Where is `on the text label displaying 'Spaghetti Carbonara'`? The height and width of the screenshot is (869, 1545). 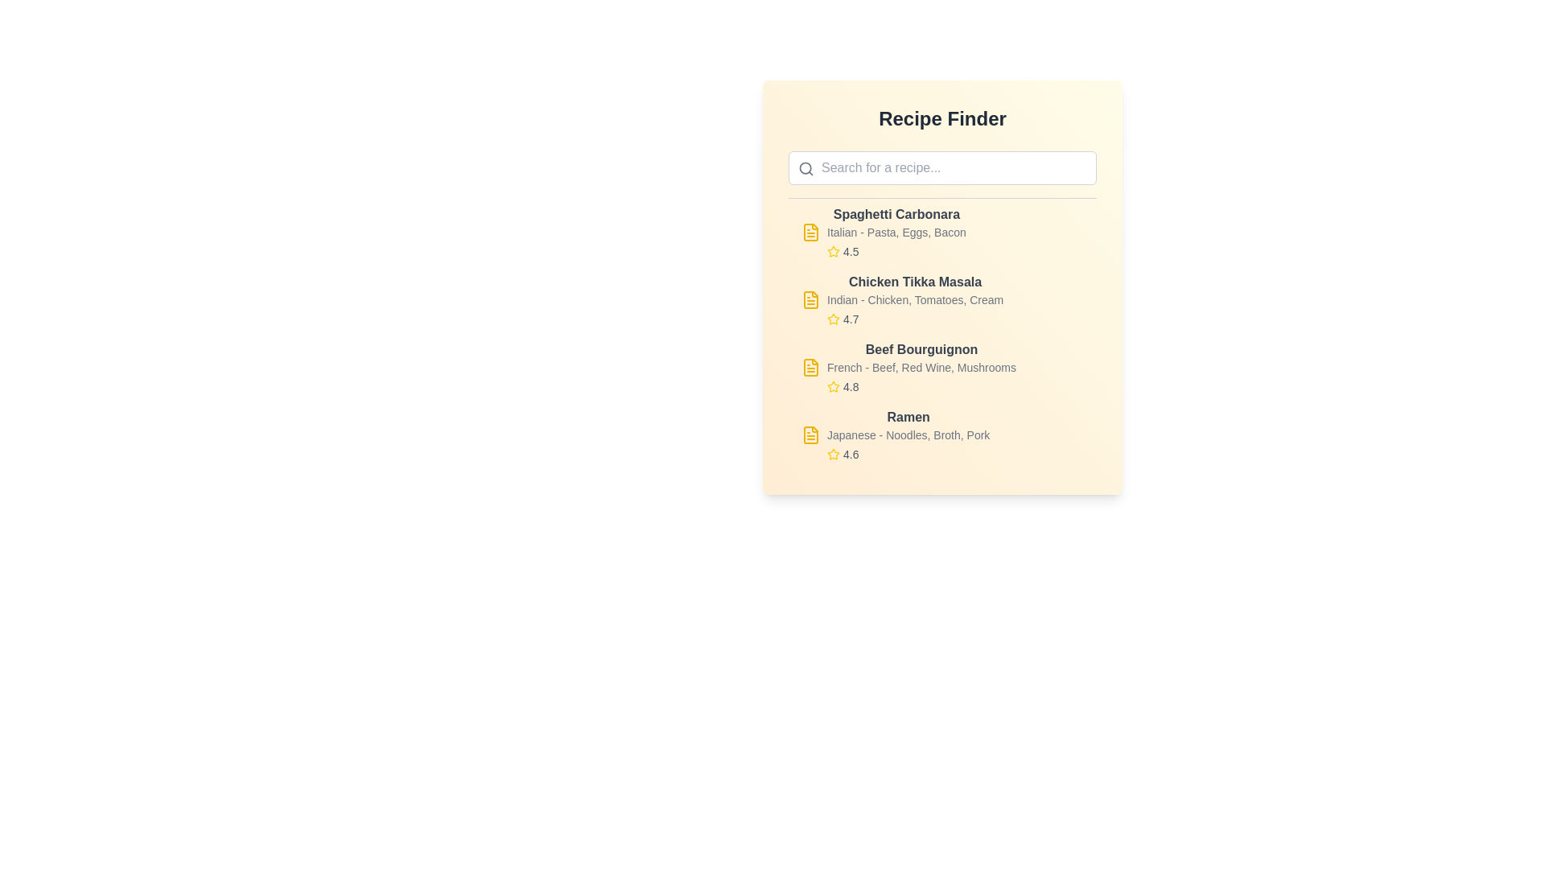
on the text label displaying 'Spaghetti Carbonara' is located at coordinates (896, 213).